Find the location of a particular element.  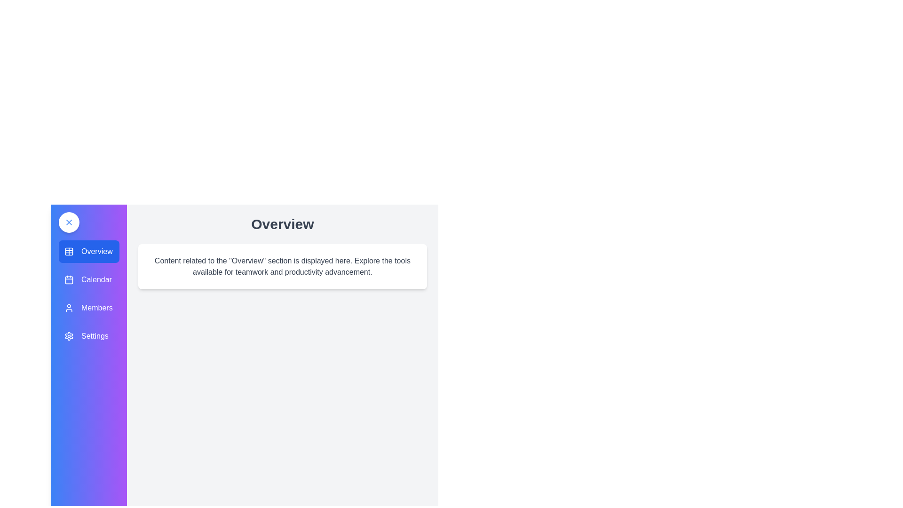

the Calendar panel by clicking on its corresponding button in the sidebar is located at coordinates (88, 279).